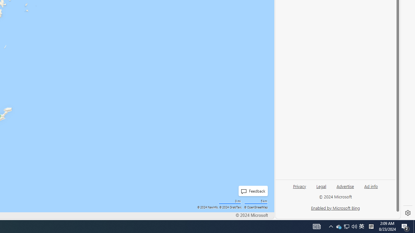 The image size is (415, 233). What do you see at coordinates (251, 191) in the screenshot?
I see `'Feedback'` at bounding box center [251, 191].